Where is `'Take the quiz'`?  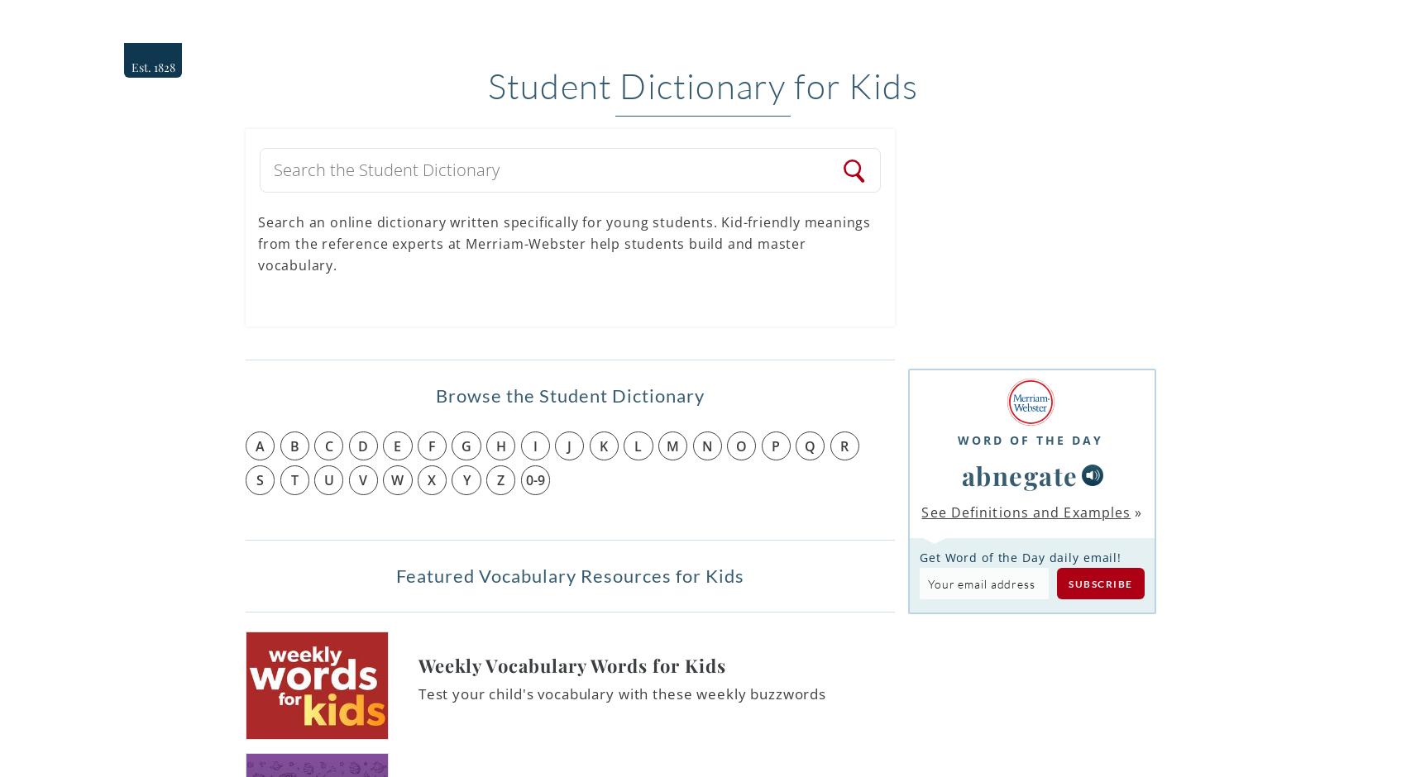 'Take the quiz' is located at coordinates (1087, 400).